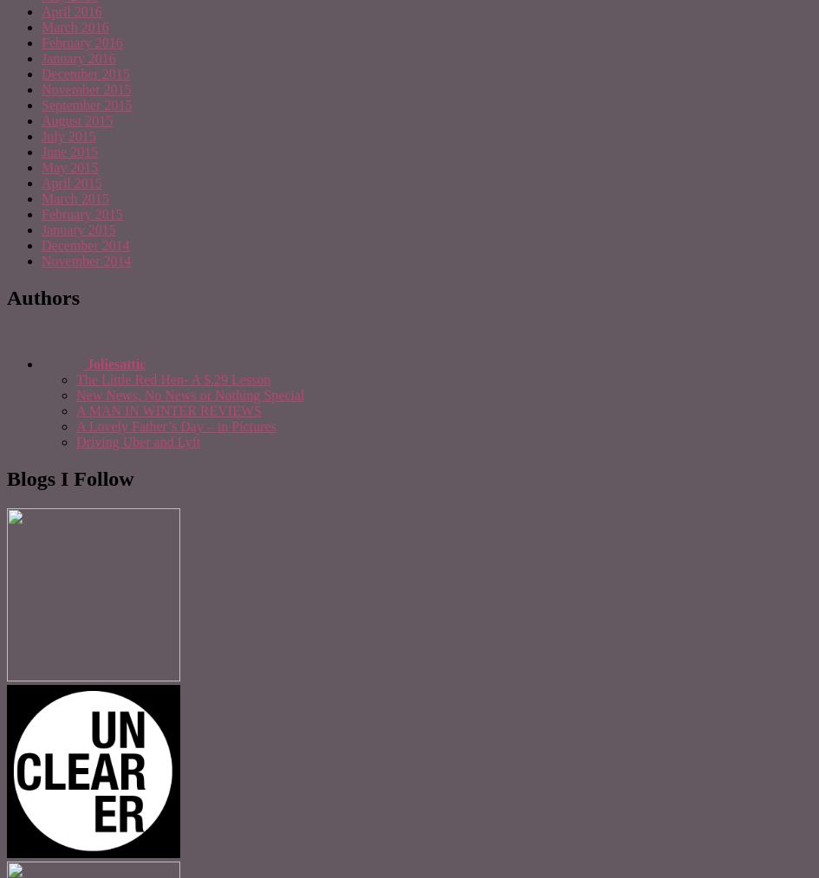 The height and width of the screenshot is (878, 819). Describe the element at coordinates (42, 73) in the screenshot. I see `'December 2015'` at that location.